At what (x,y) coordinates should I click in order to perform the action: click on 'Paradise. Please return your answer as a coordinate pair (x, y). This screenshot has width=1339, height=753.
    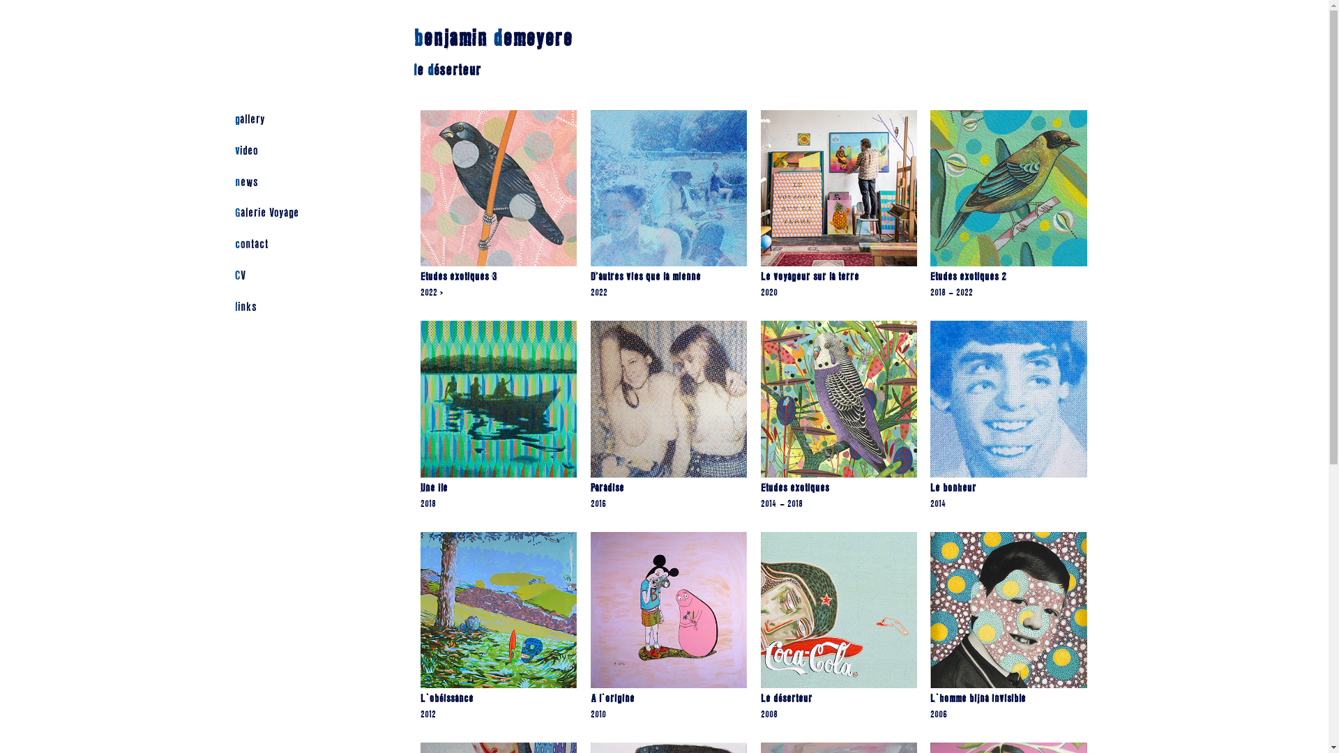
    Looking at the image, I should click on (590, 419).